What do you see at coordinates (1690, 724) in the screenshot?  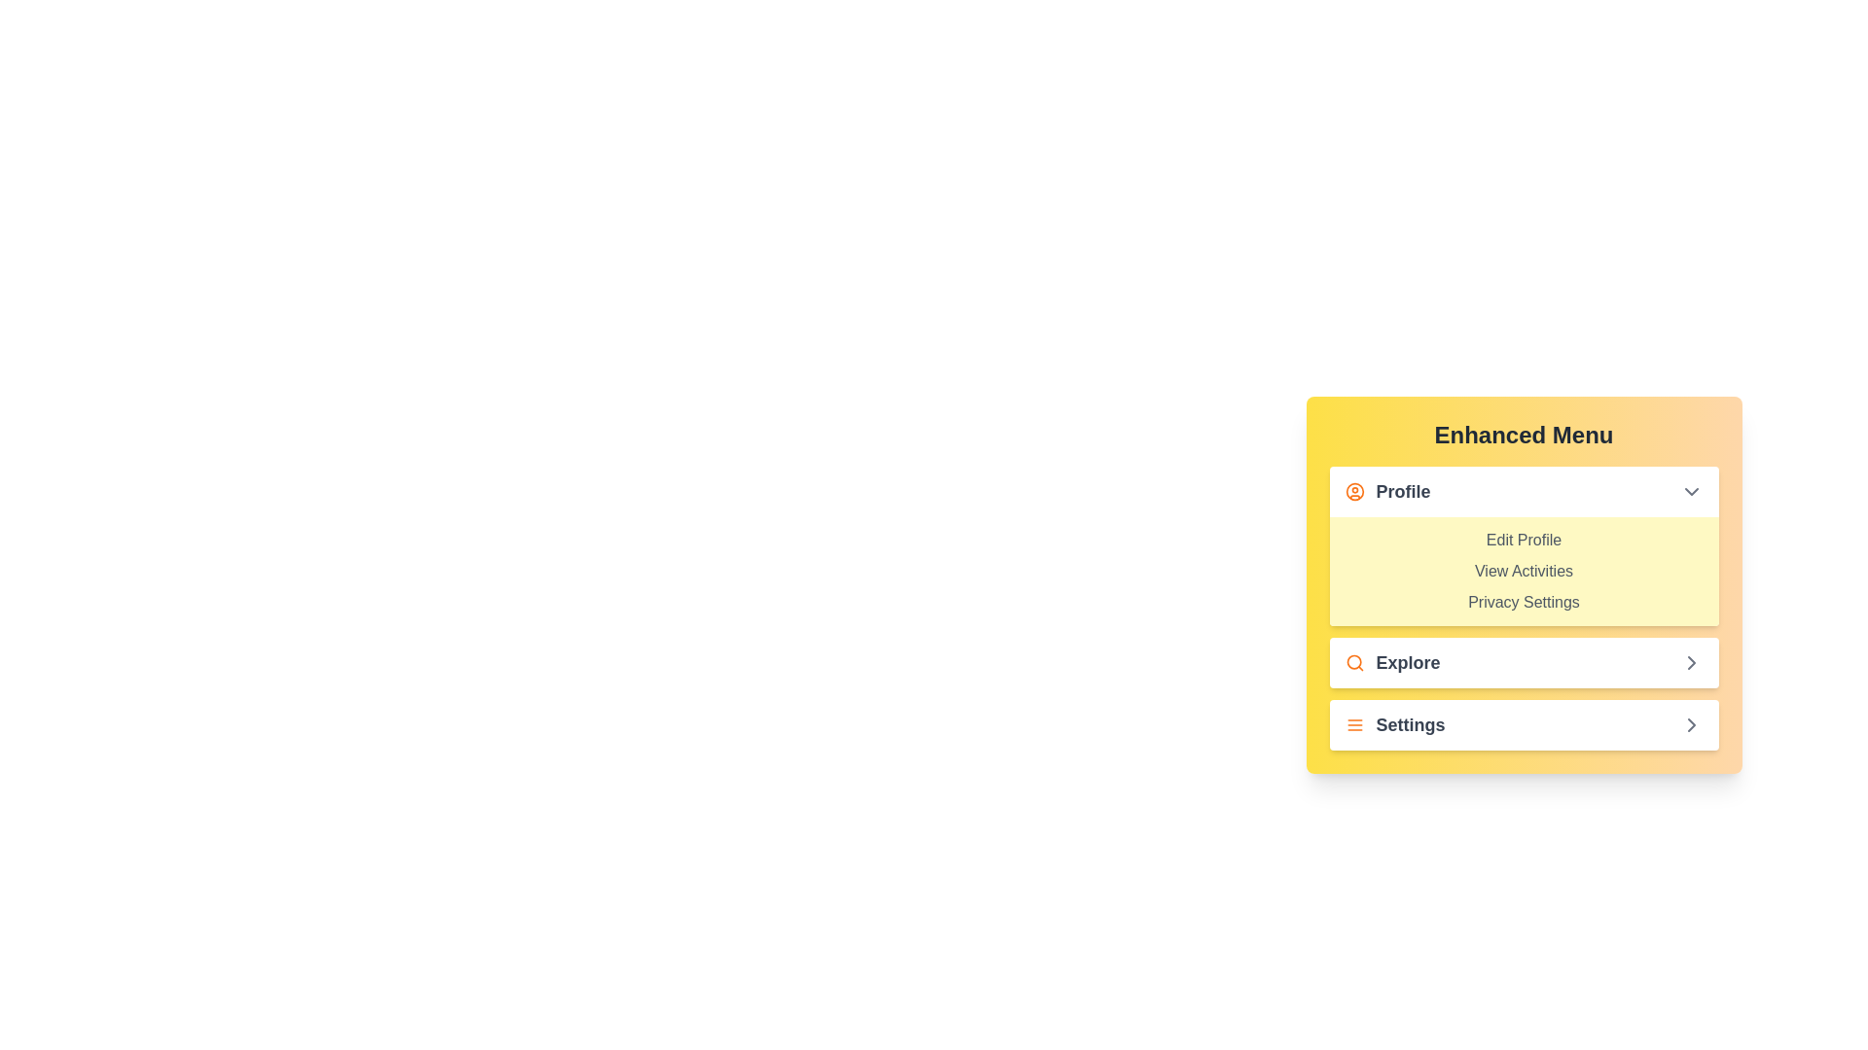 I see `the submenu indicator icon located to the far right of the 'Explore' menu item` at bounding box center [1690, 724].